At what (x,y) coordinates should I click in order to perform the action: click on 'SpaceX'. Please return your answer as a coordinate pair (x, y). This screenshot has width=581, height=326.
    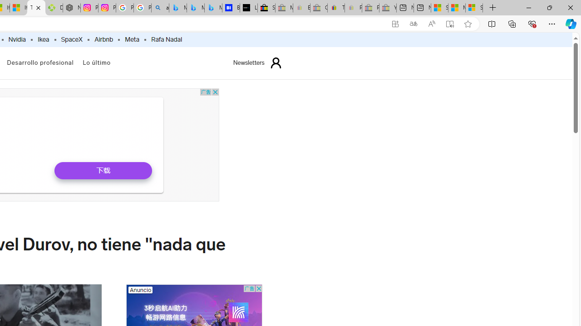
    Looking at the image, I should click on (71, 39).